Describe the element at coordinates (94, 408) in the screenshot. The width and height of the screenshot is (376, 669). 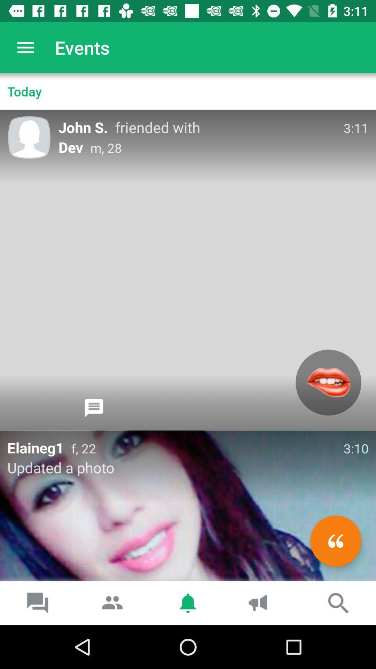
I see `icon on the left` at that location.